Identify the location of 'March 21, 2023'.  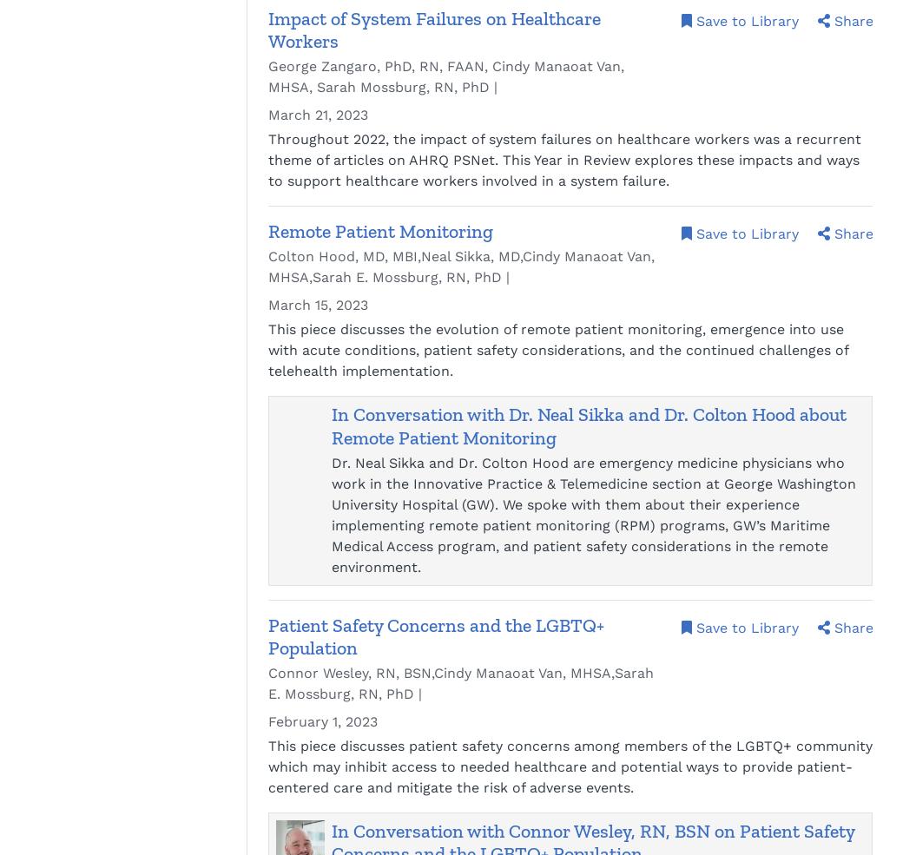
(267, 115).